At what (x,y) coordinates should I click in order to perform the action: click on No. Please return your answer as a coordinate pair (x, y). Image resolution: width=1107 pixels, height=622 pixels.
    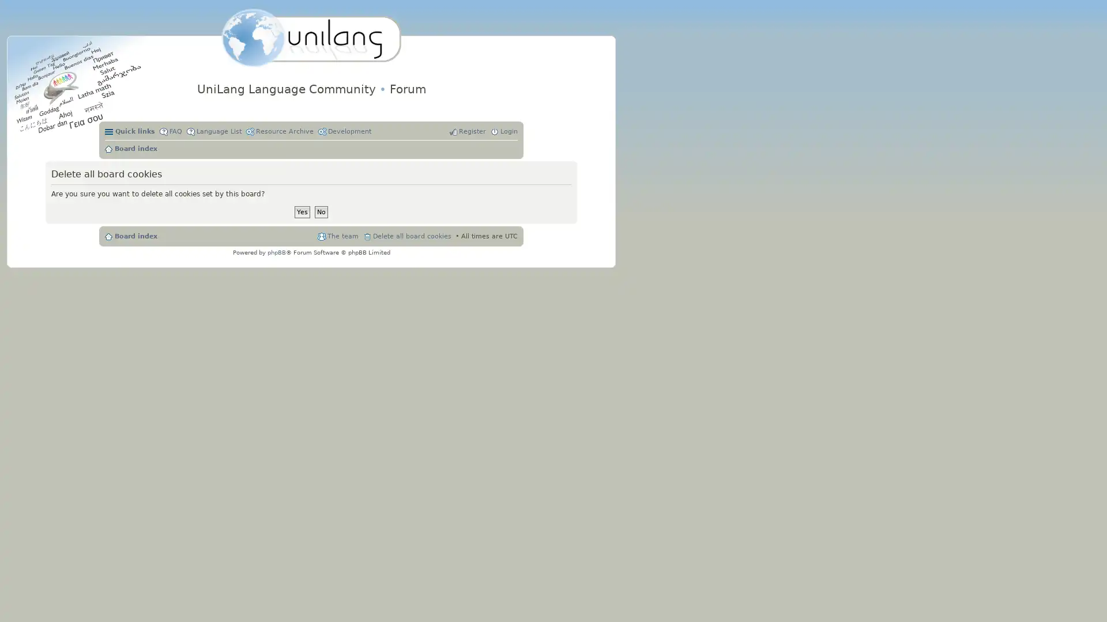
    Looking at the image, I should click on (321, 212).